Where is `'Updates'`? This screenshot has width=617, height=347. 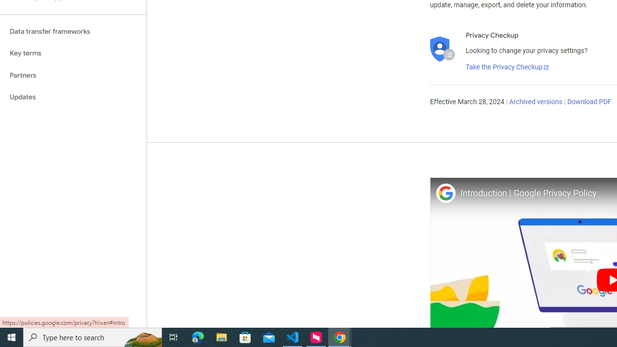 'Updates' is located at coordinates (73, 97).